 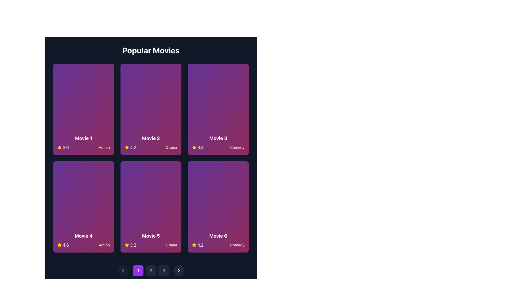 I want to click on the text block displaying the movie's title, rating, and genre located at the bottom center of the fourth card in the grid layout of movie cards, so click(x=83, y=240).